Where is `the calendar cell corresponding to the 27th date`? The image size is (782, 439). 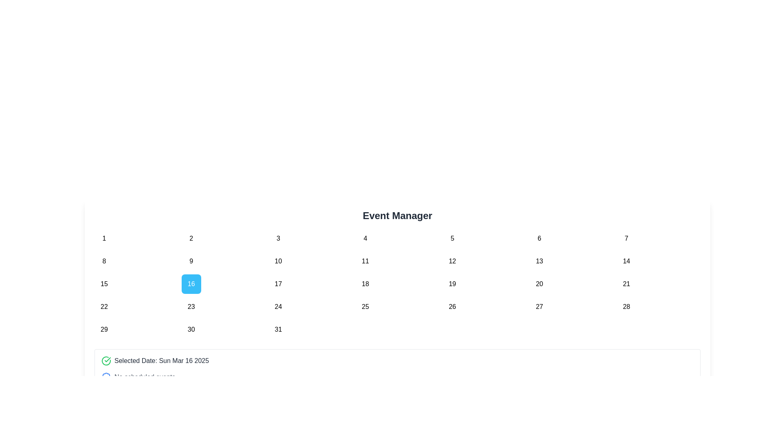 the calendar cell corresponding to the 27th date is located at coordinates (539, 307).